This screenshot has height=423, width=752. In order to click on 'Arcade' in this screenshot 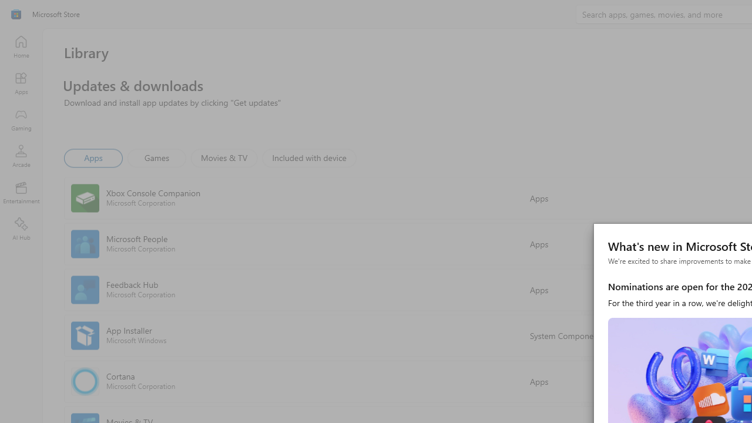, I will do `click(21, 155)`.